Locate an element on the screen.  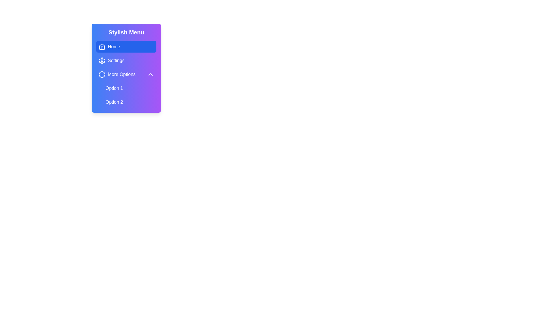
the 'Settings' icon located in the vertical menu to the left of the 'Settings' label is located at coordinates (102, 60).